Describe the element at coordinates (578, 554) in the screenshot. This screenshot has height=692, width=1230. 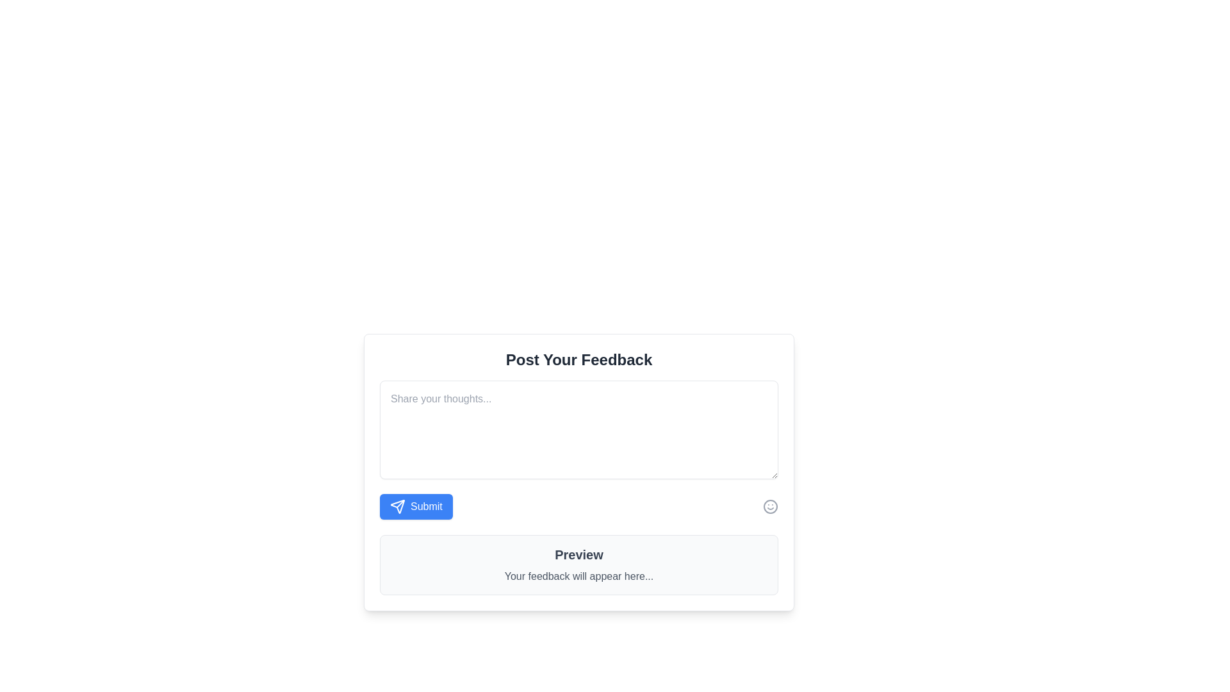
I see `the text label displaying 'Preview' in bold font, which is positioned above the secondary text component 'Your feedback will appear here...'` at that location.